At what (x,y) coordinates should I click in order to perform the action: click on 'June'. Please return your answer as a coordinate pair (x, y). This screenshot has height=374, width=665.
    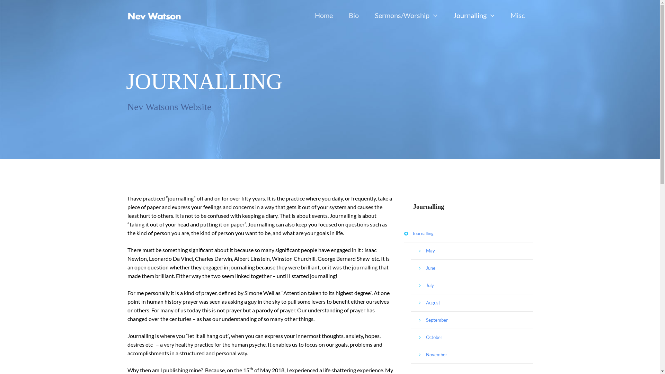
    Looking at the image, I should click on (411, 268).